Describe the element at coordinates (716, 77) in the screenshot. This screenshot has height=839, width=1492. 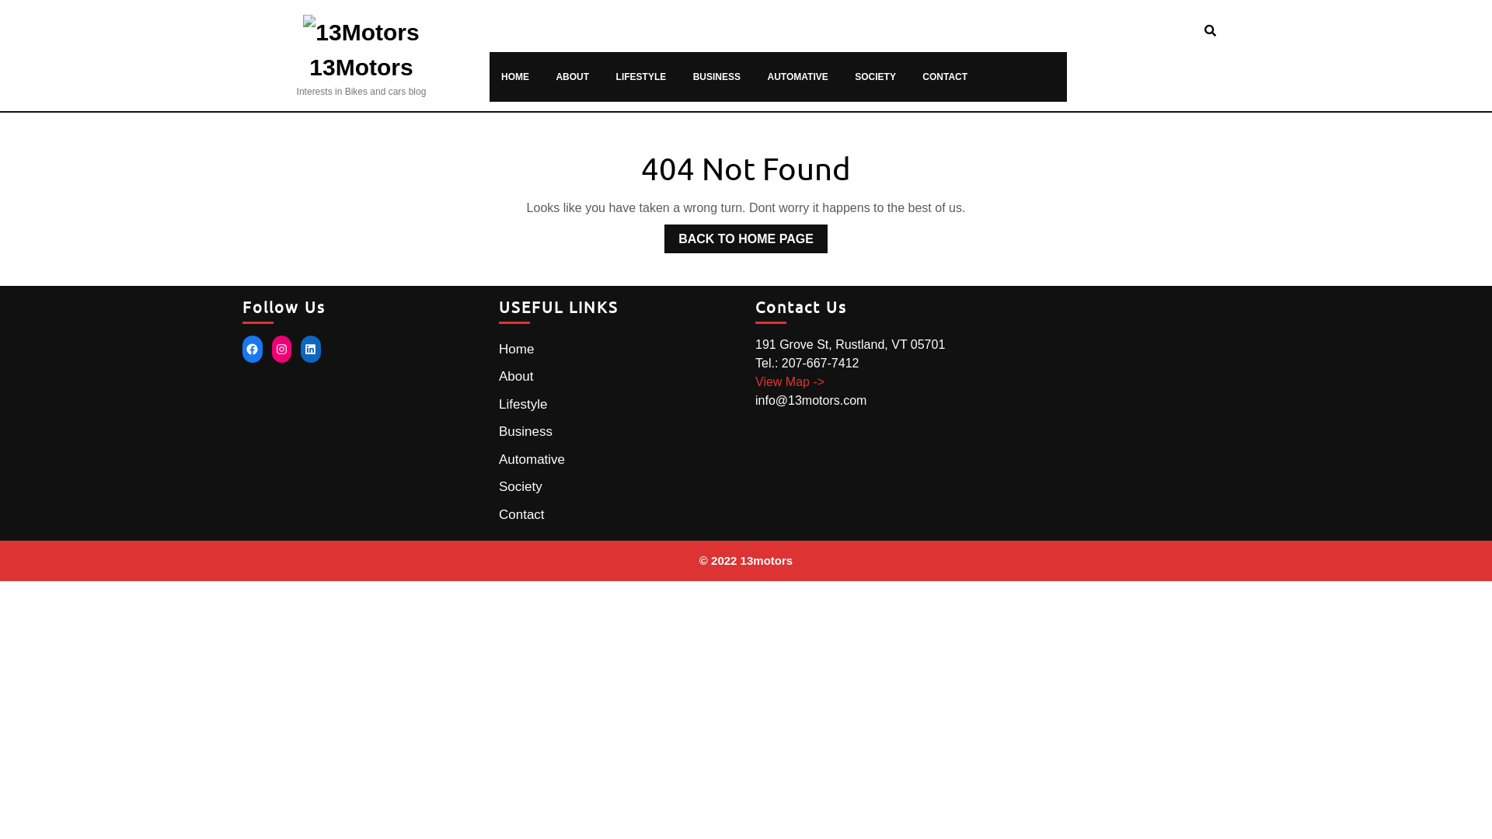
I see `'BUSINESS'` at that location.